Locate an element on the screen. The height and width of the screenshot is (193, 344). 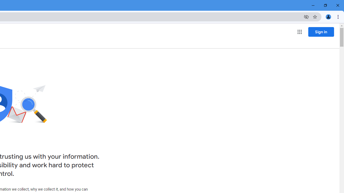
'Third-party cookies blocked' is located at coordinates (306, 16).